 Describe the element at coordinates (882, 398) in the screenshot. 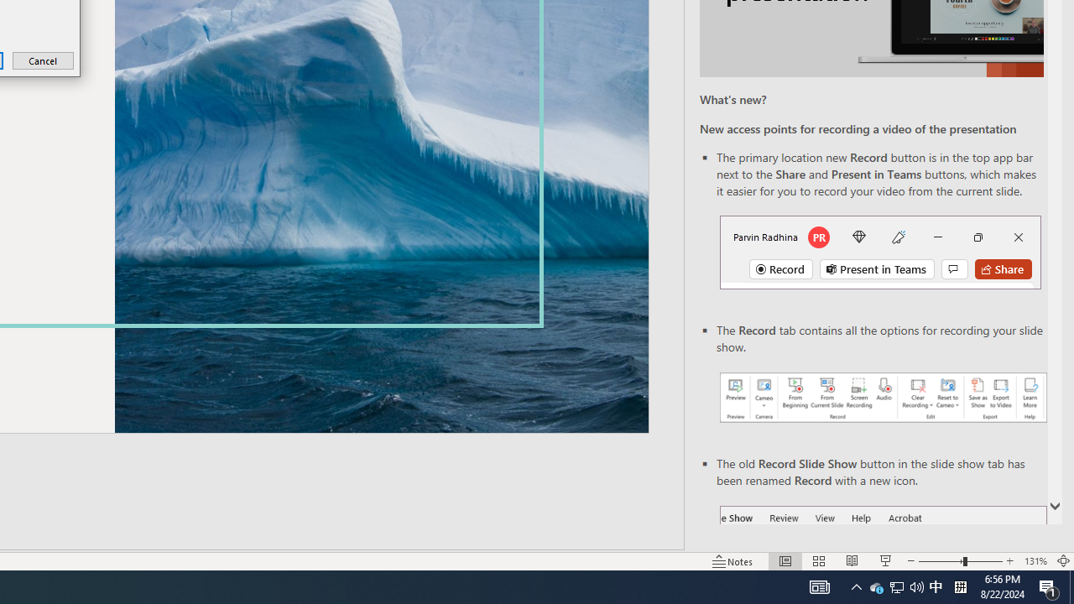

I see `'Record your presentations screenshot one'` at that location.